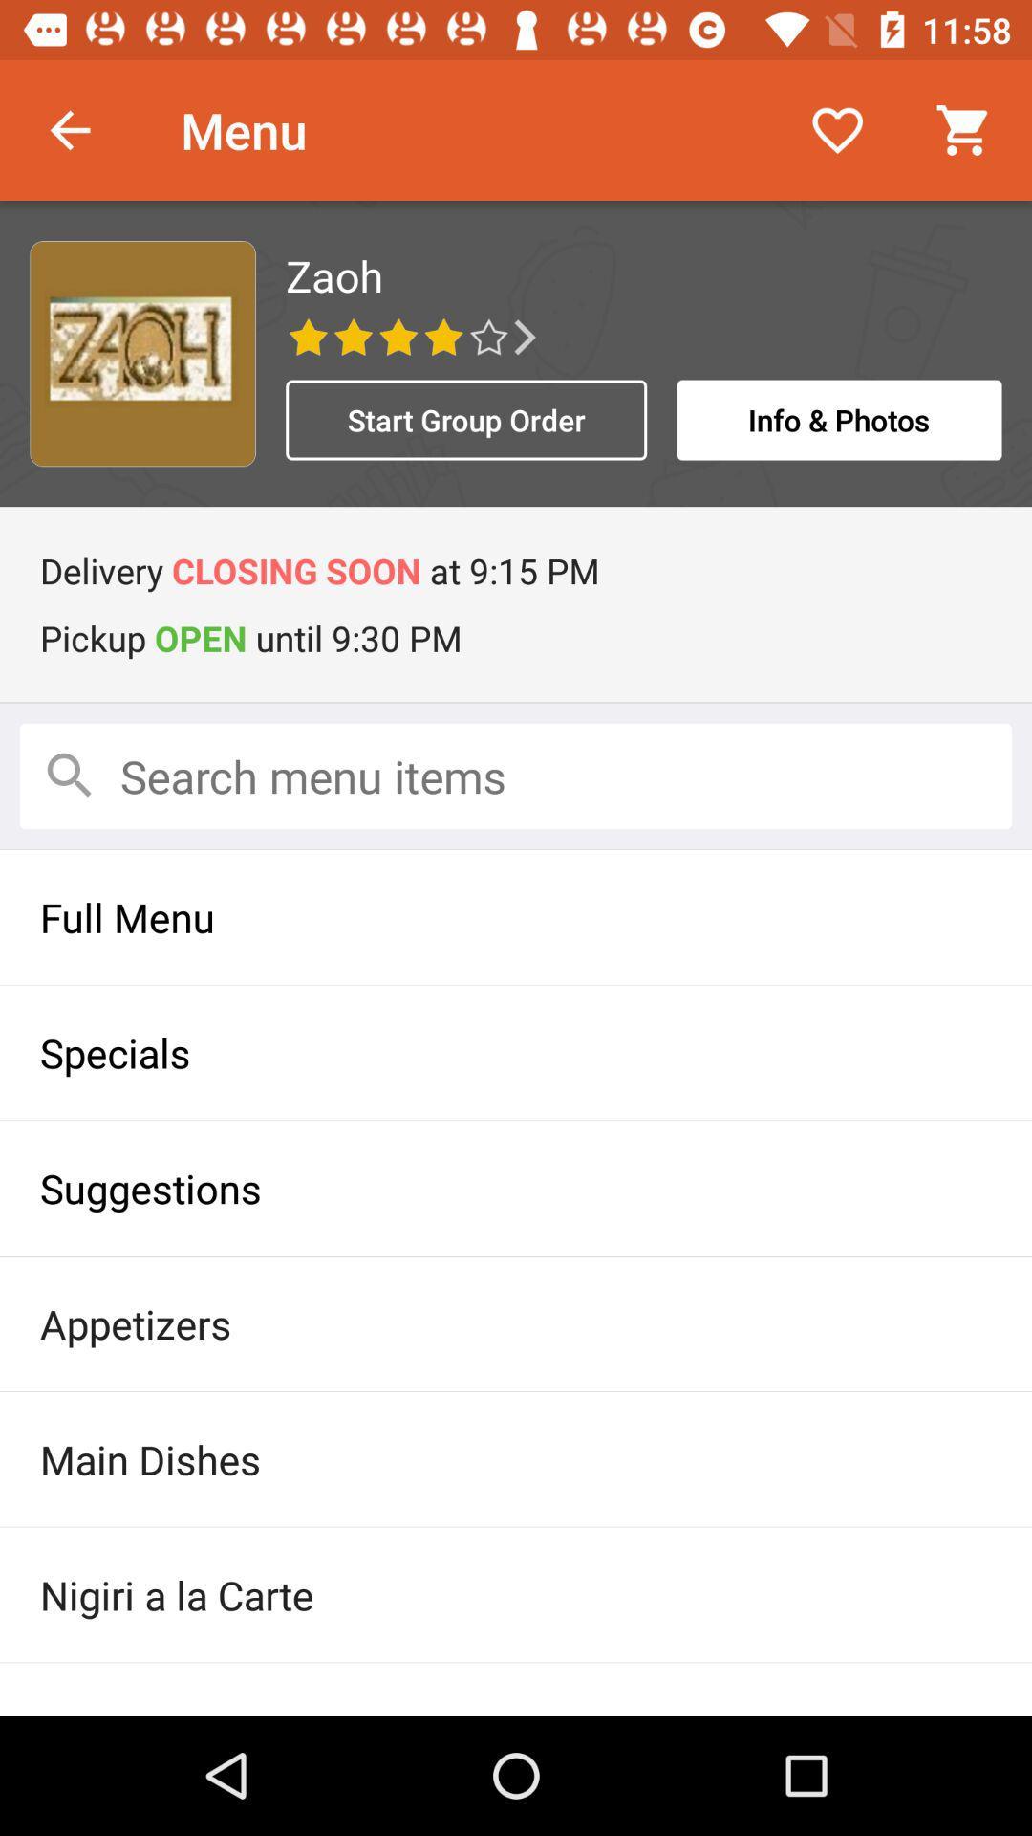 The height and width of the screenshot is (1836, 1032). Describe the element at coordinates (516, 1458) in the screenshot. I see `item below appetizers icon` at that location.